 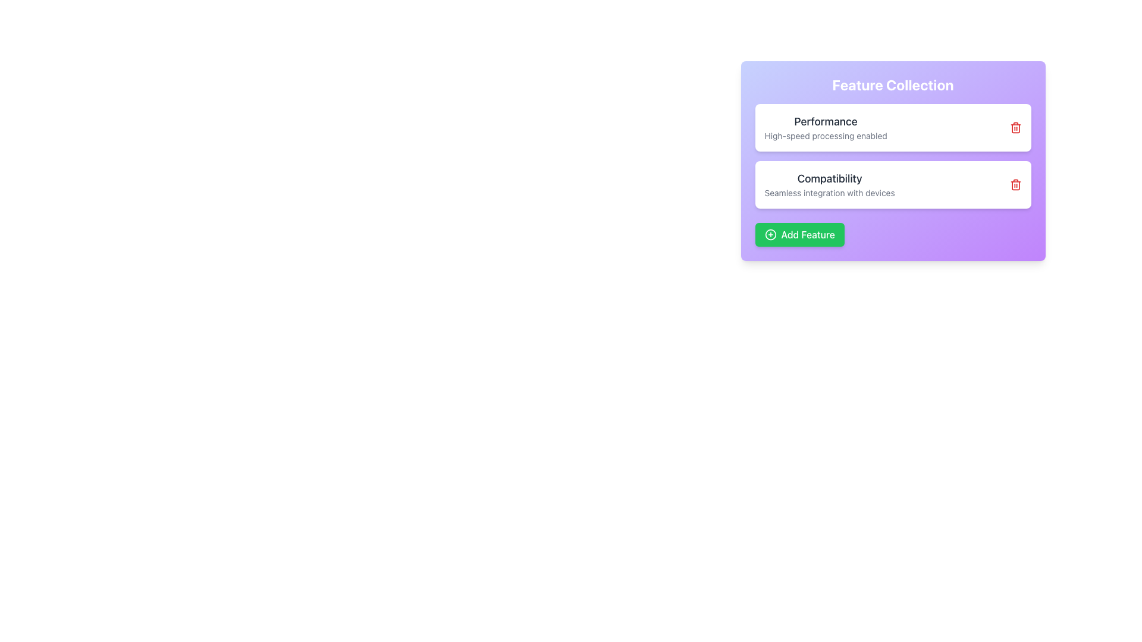 What do you see at coordinates (829, 178) in the screenshot?
I see `the text label displaying 'Compatibility' in bold, larger dark gray font, positioned above 'Seamless integration with devices' within the 'Feature Collection' card` at bounding box center [829, 178].